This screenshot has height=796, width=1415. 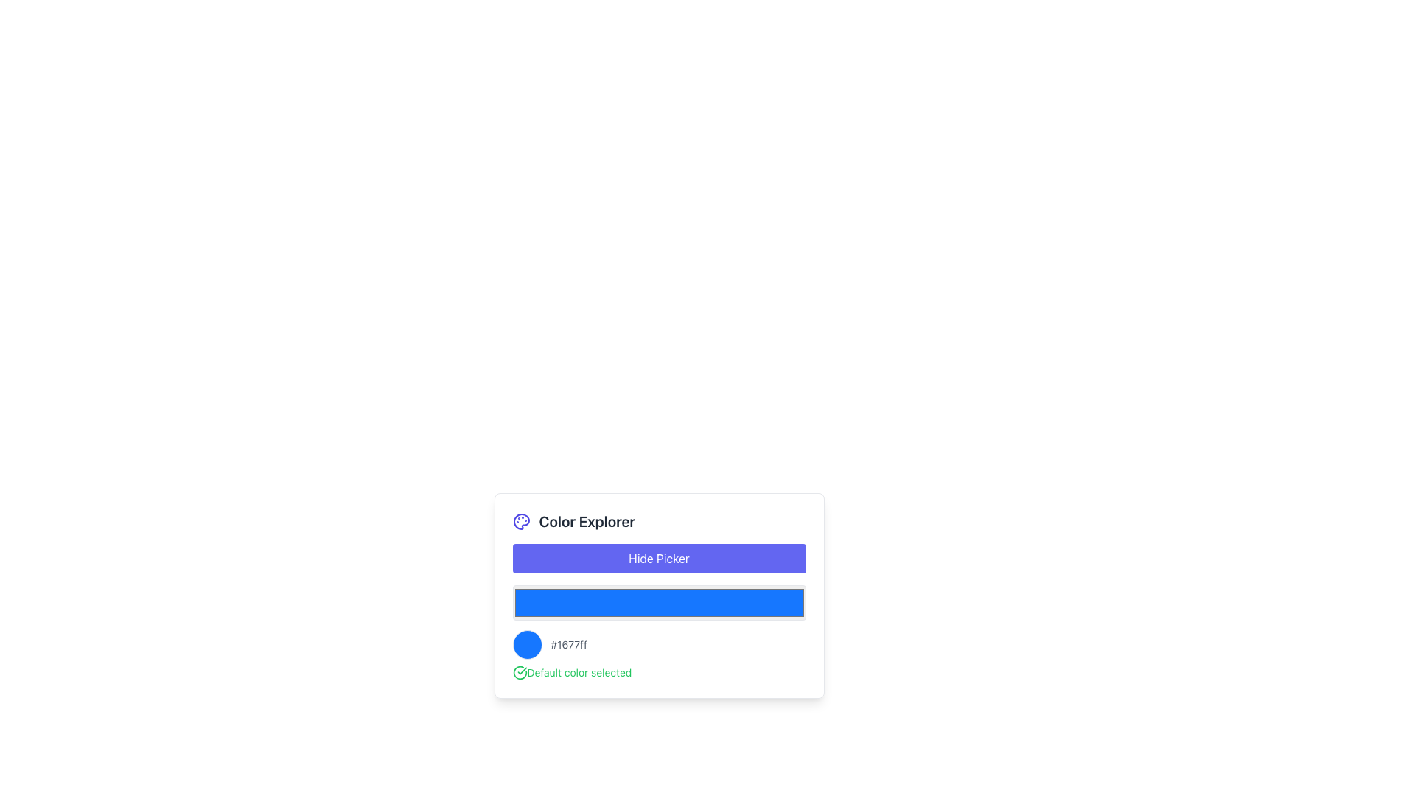 I want to click on the toggle button for the color picker interface, so click(x=658, y=559).